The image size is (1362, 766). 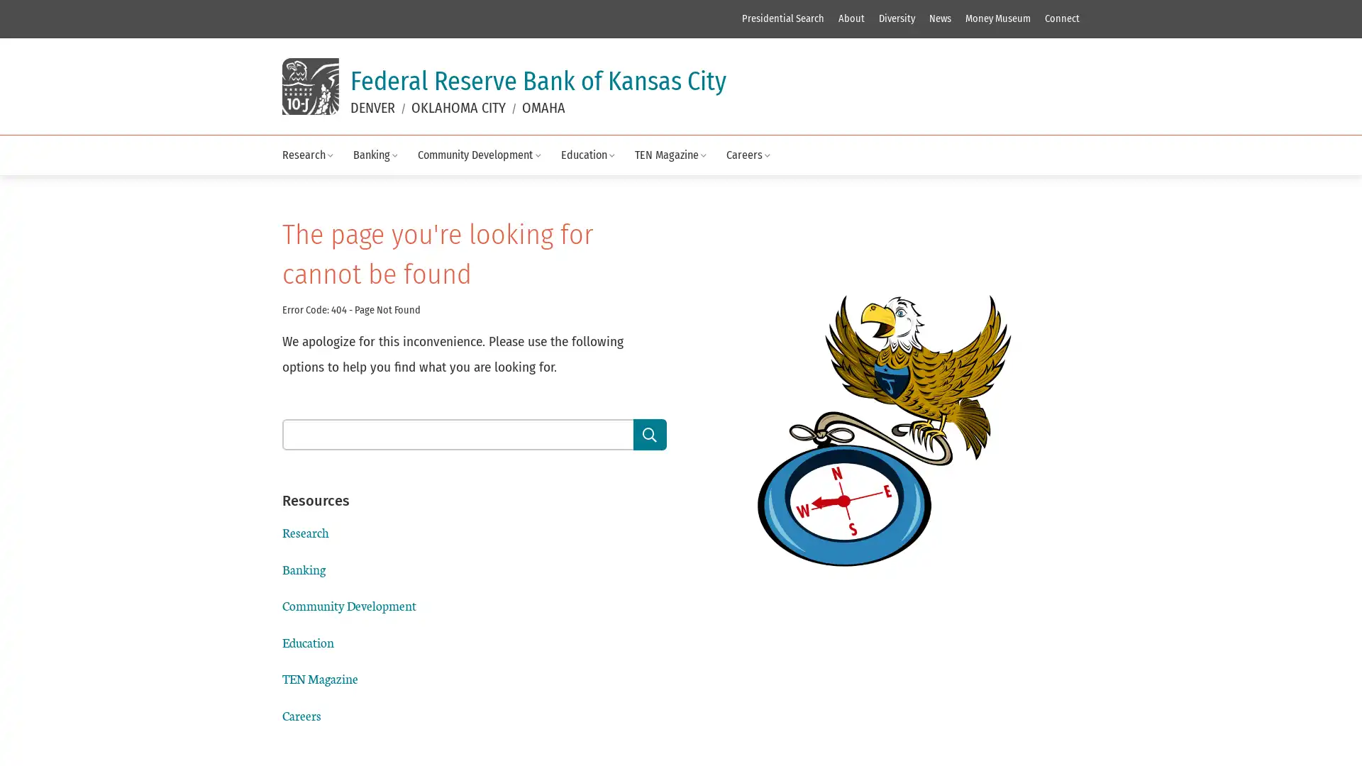 What do you see at coordinates (747, 155) in the screenshot?
I see `Careers` at bounding box center [747, 155].